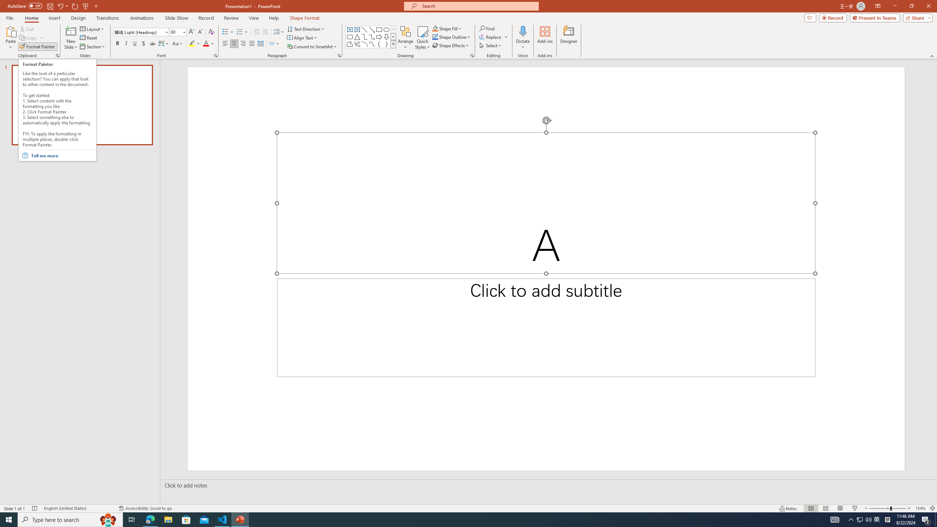 This screenshot has height=527, width=937. Describe the element at coordinates (25, 5) in the screenshot. I see `'AutoSave'` at that location.